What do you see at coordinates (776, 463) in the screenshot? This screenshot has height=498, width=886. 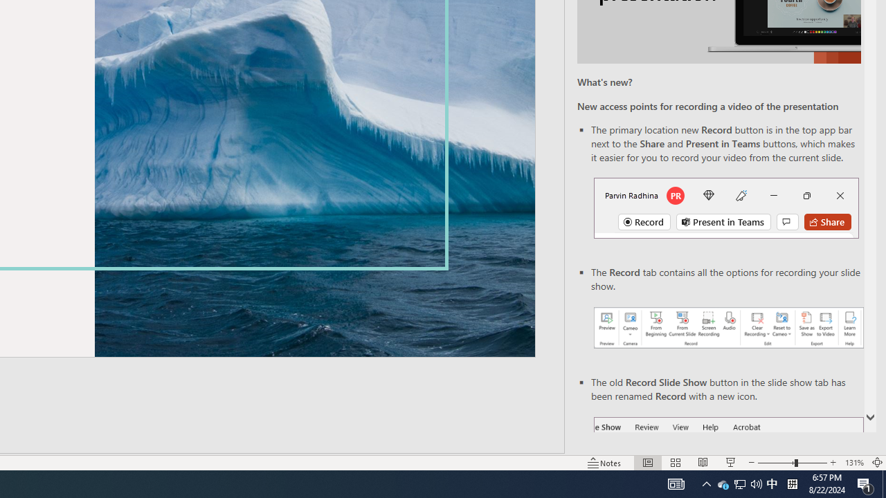 I see `'Zoom Out'` at bounding box center [776, 463].